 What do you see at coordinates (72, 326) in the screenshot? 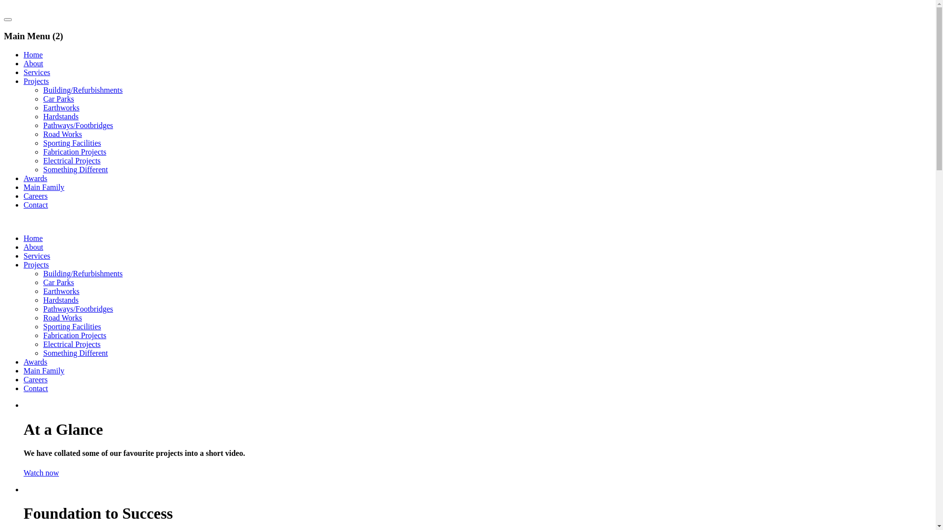
I see `'Sporting Facilities'` at bounding box center [72, 326].